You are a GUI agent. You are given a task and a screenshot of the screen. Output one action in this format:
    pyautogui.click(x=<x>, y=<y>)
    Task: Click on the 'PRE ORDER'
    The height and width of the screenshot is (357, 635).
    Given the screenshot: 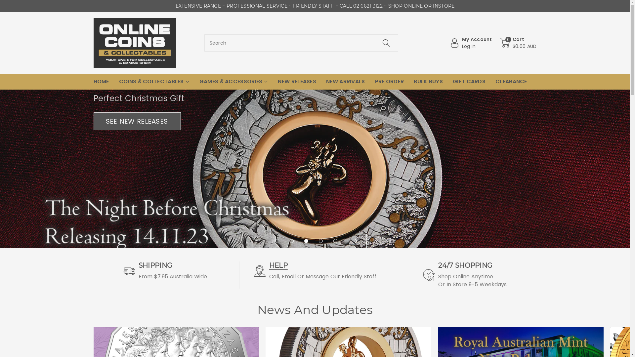 What is the action you would take?
    pyautogui.click(x=389, y=81)
    